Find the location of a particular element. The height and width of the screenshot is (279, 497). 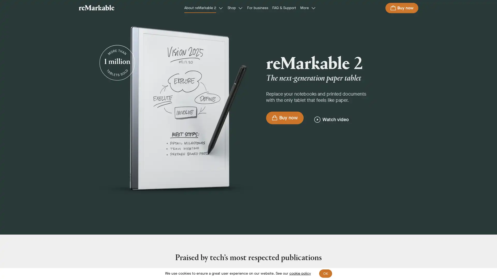

Buy now is located at coordinates (401, 8).